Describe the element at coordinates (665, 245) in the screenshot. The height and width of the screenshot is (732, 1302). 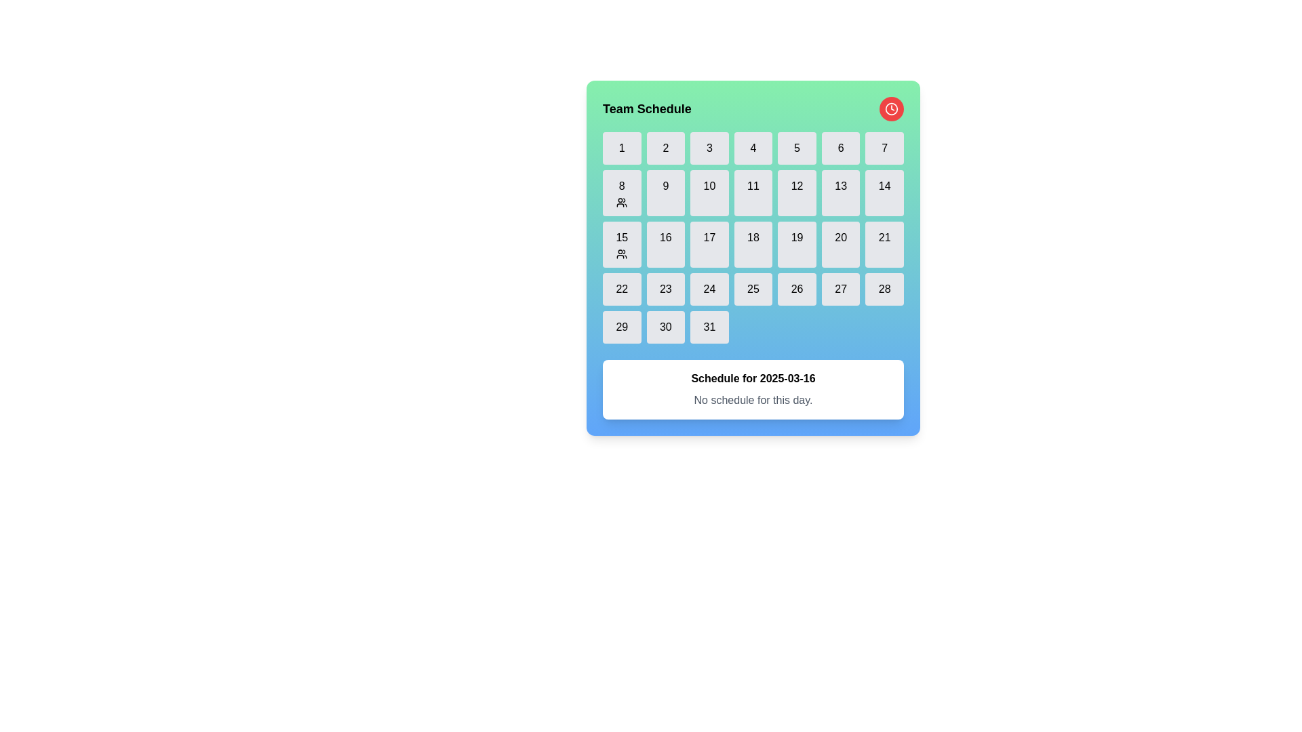
I see `the selectable day button in the fourth row and second column of the calendar interface` at that location.